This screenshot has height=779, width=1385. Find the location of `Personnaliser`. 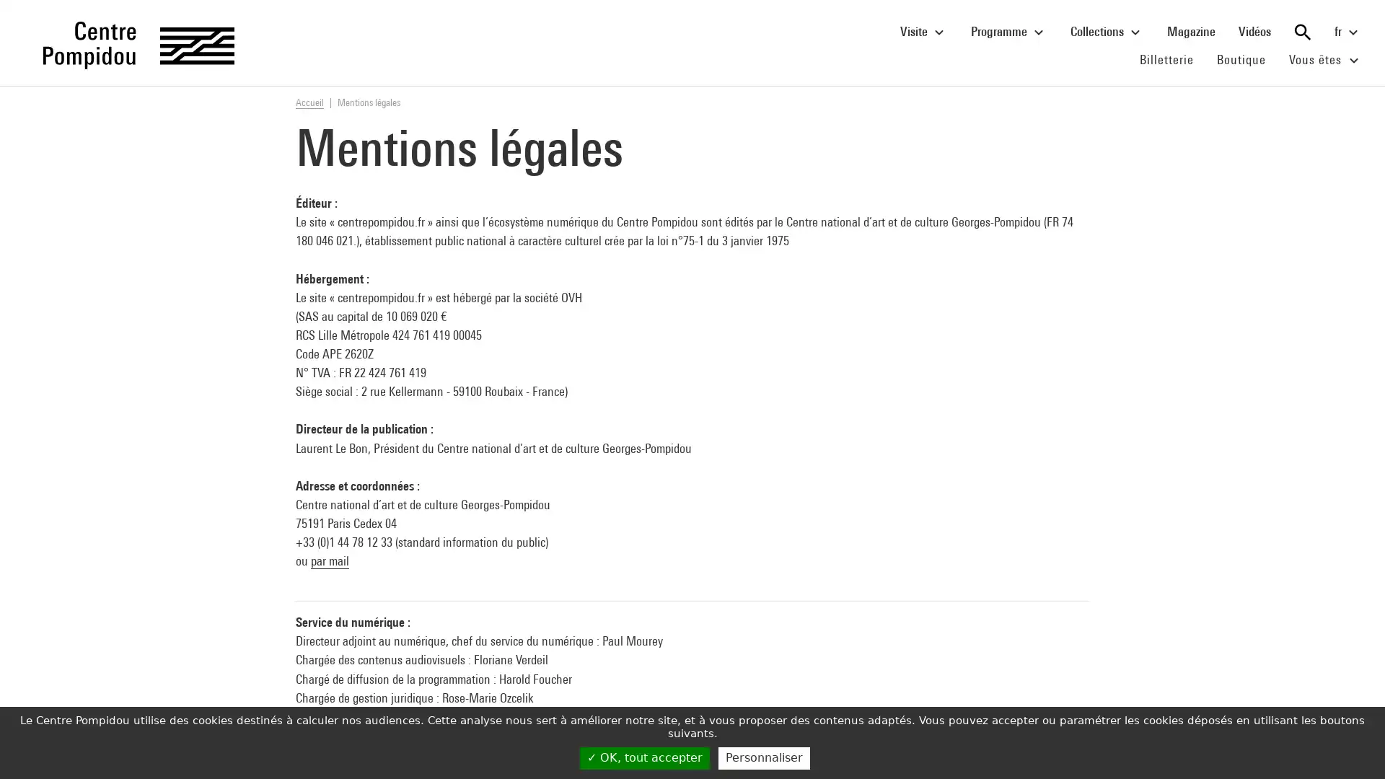

Personnaliser is located at coordinates (763, 757).